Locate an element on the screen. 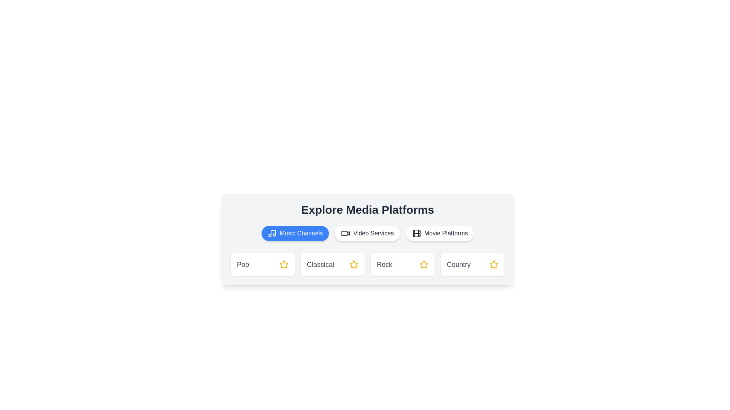 The image size is (730, 410). the 'Music Channels' button, which is prominently displayed with a blue background and a musical note icon is located at coordinates (295, 233).